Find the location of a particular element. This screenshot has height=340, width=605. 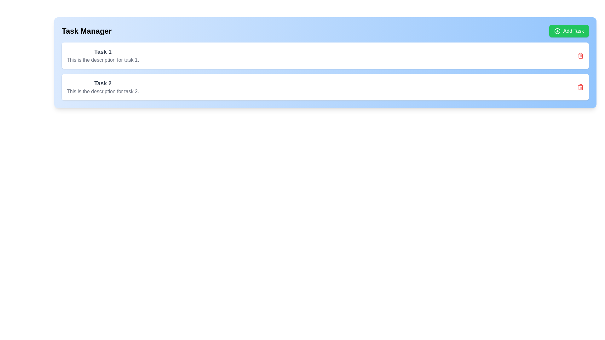

the gray italicized text 'This is the description for task 2.' located beneath the bold title 'Task 2' in the second task card layout is located at coordinates (103, 91).